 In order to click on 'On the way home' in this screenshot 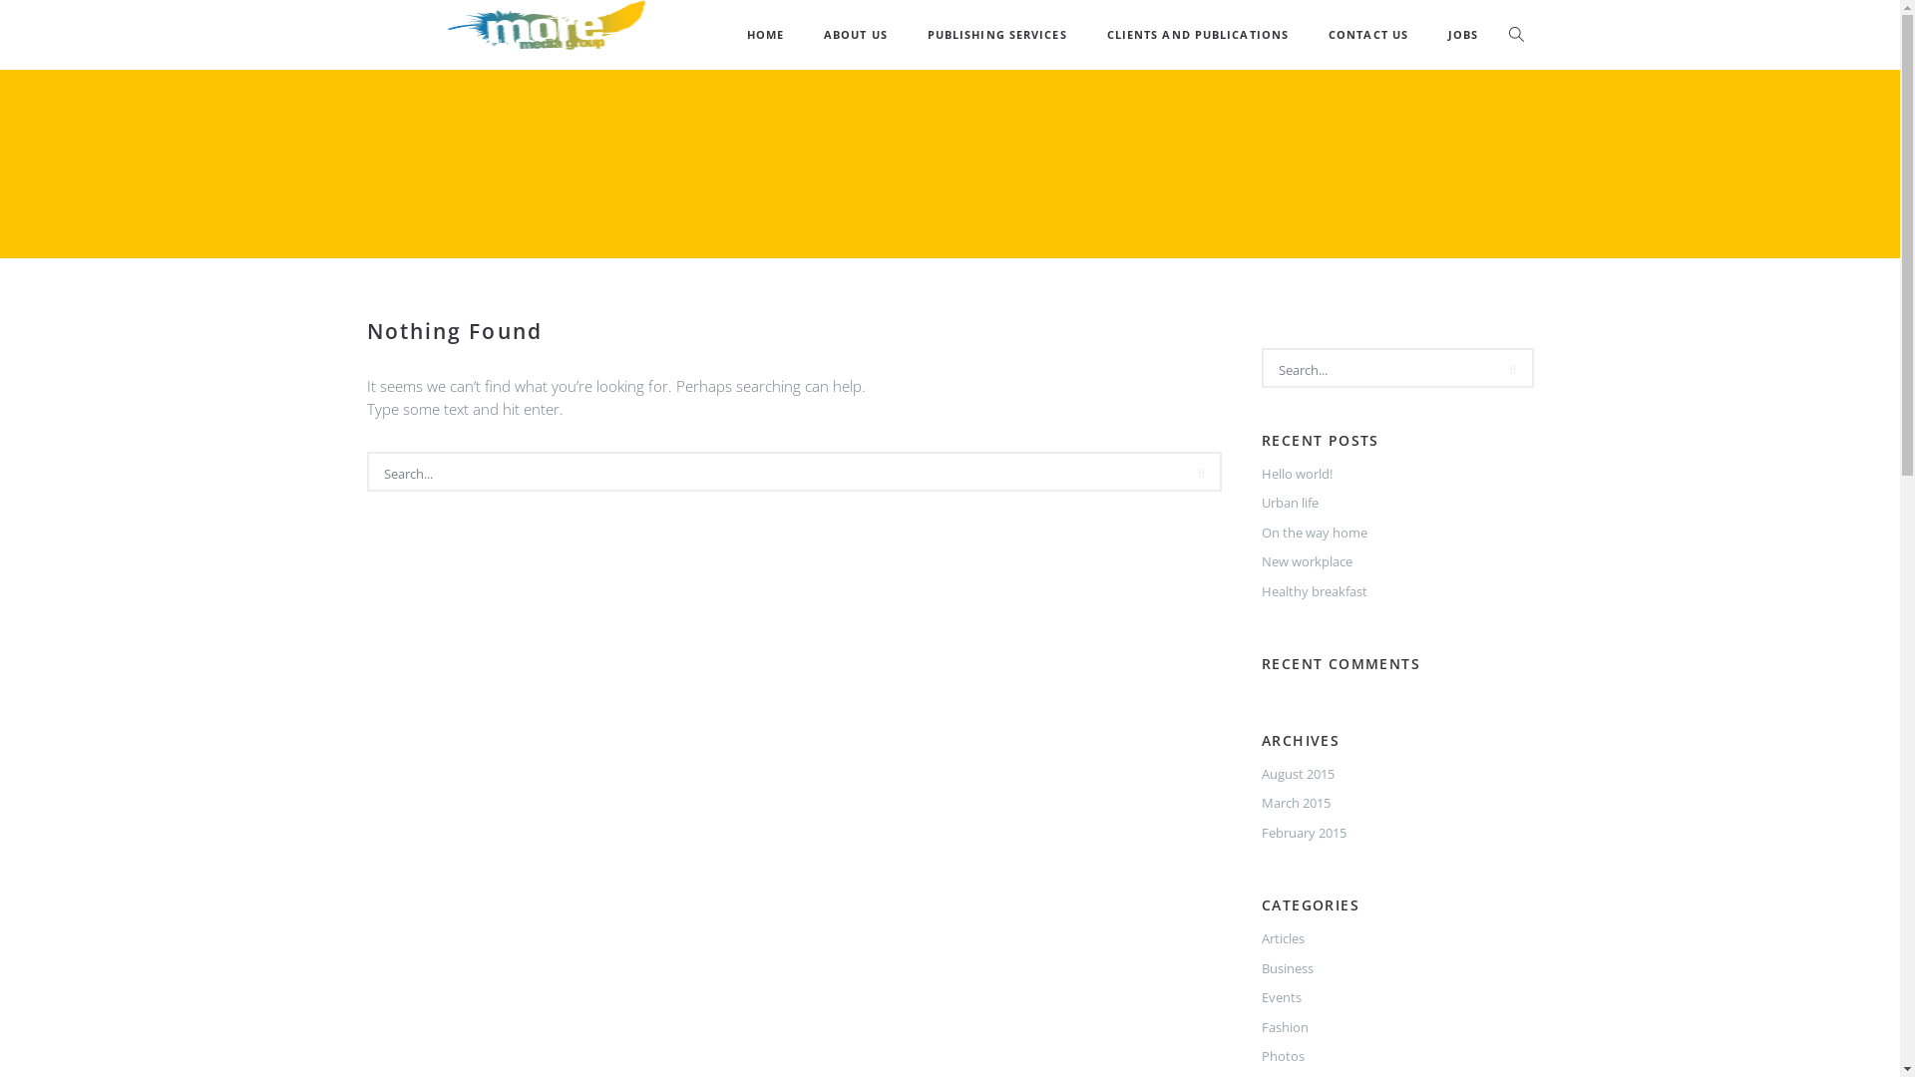, I will do `click(1315, 531)`.